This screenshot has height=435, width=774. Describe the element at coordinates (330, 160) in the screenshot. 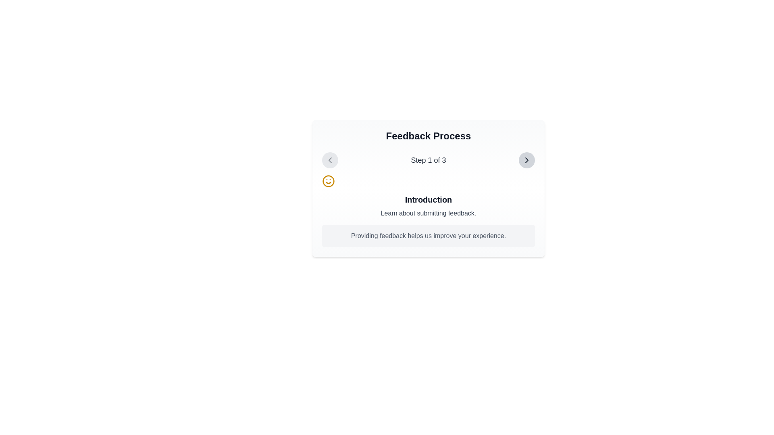

I see `the leftmost circular button with a light gray background and a darker gray arrow icon pointing to the left, located in the header section of the 'Feedback Process' card for keyboard navigation` at that location.